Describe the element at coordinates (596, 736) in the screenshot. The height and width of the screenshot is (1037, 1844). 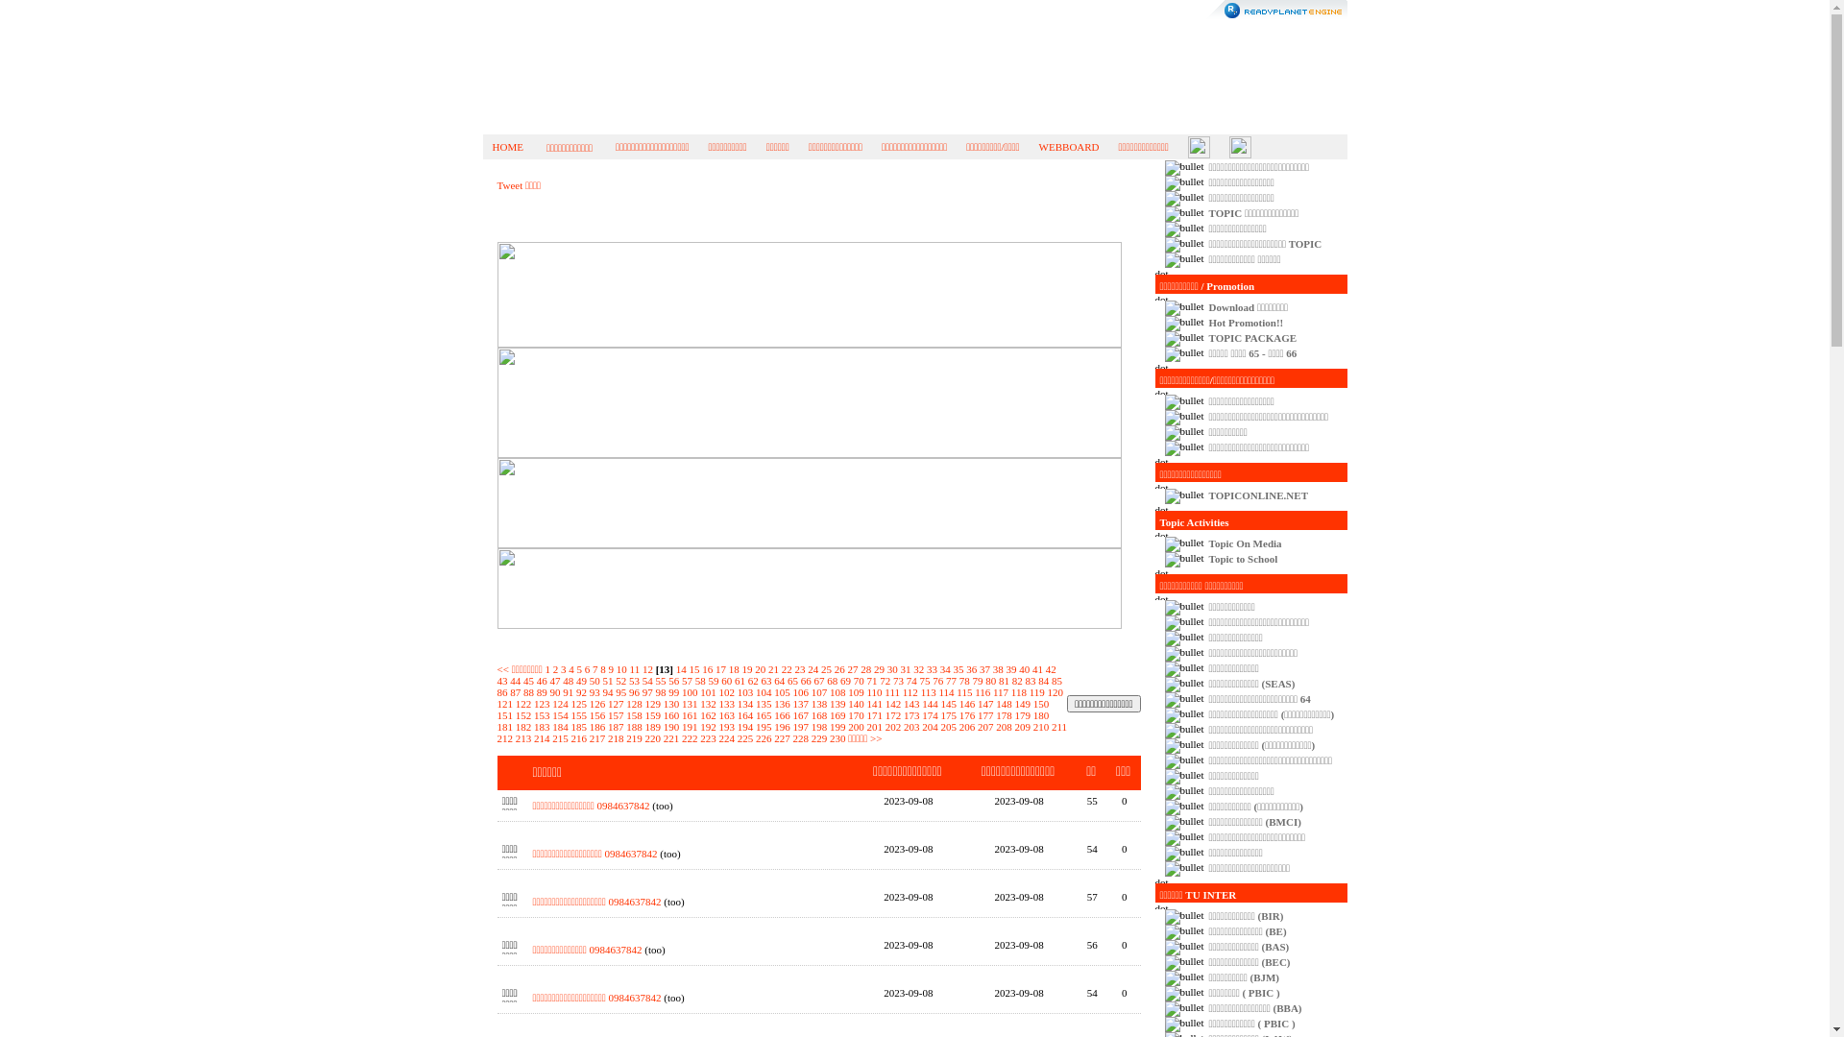
I see `'217'` at that location.